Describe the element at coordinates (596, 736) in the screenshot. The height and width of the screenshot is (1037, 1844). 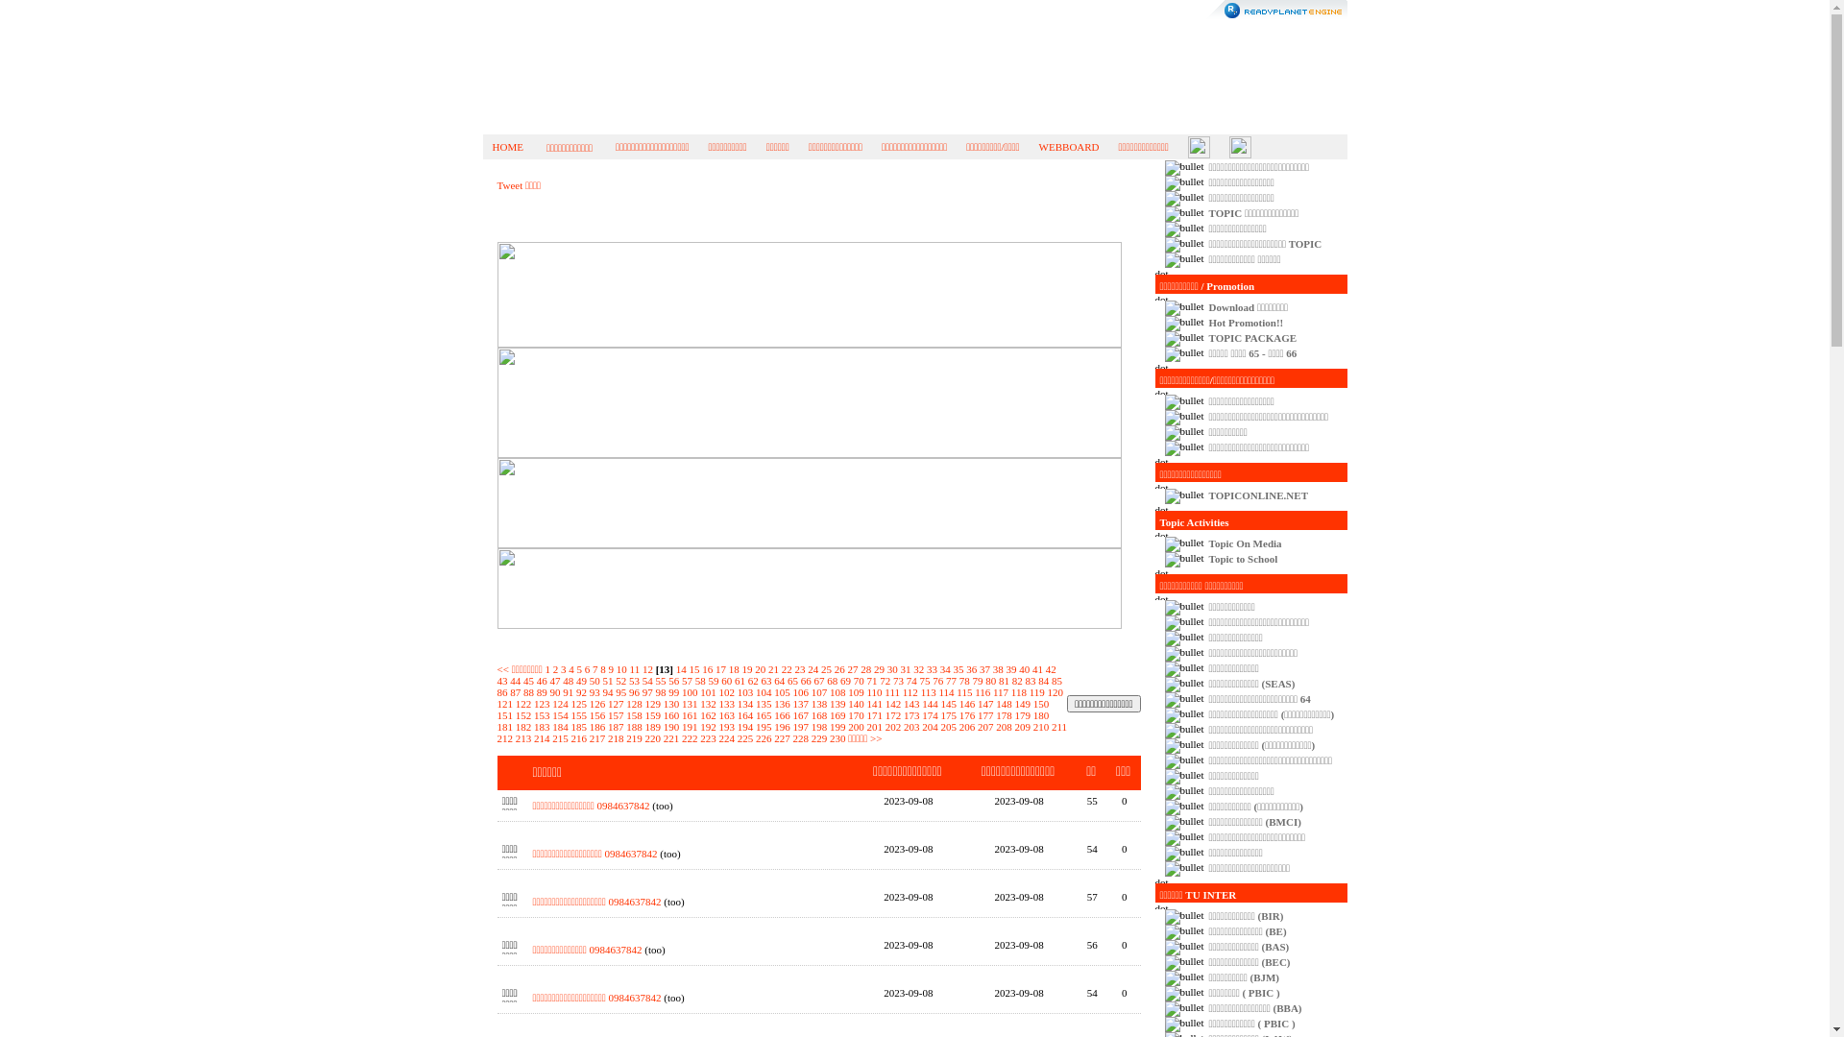
I see `'217'` at that location.